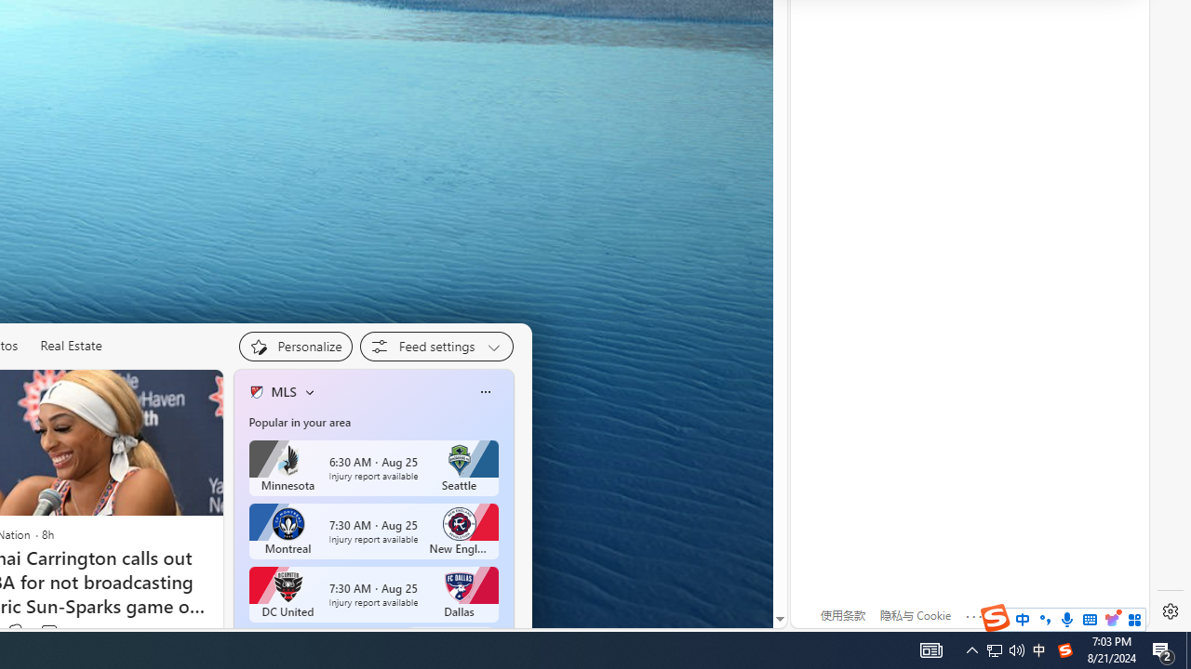  What do you see at coordinates (485, 390) in the screenshot?
I see `'Class: icon-img'` at bounding box center [485, 390].